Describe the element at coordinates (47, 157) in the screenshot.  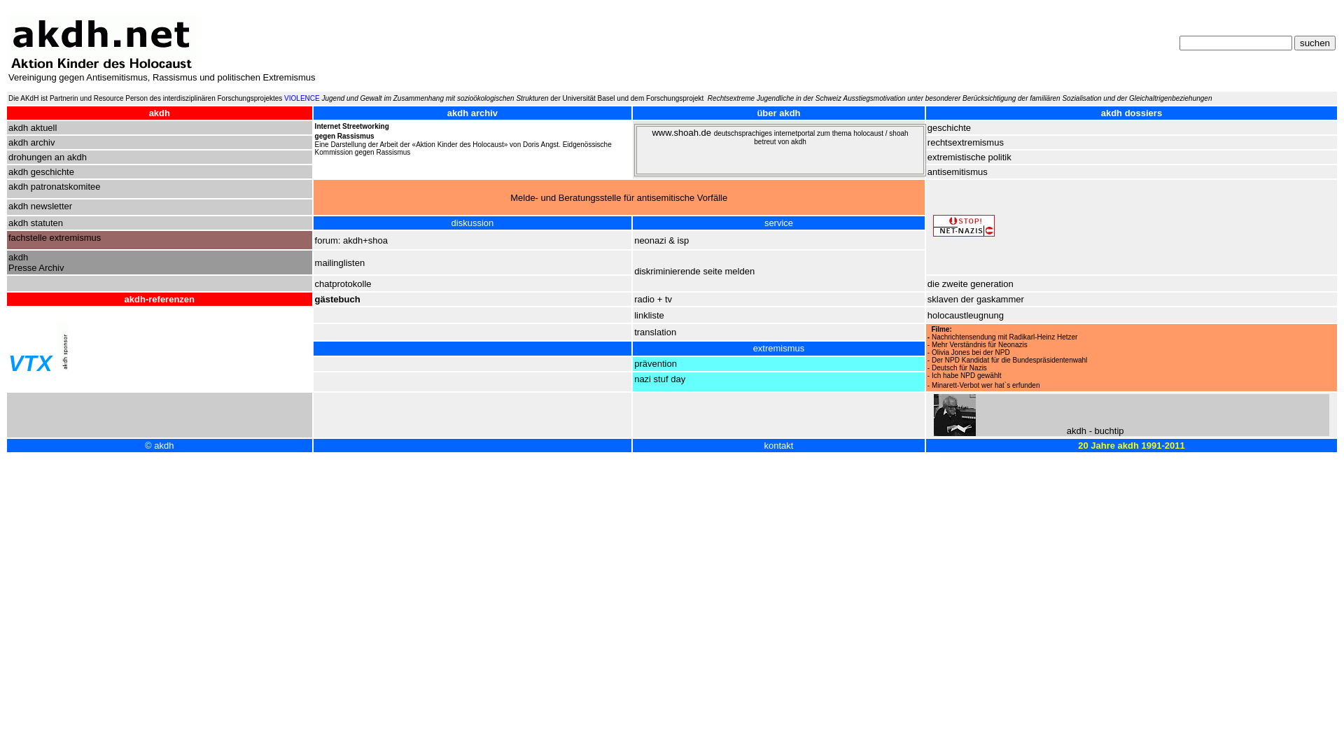
I see `'drohungen an akdh'` at that location.